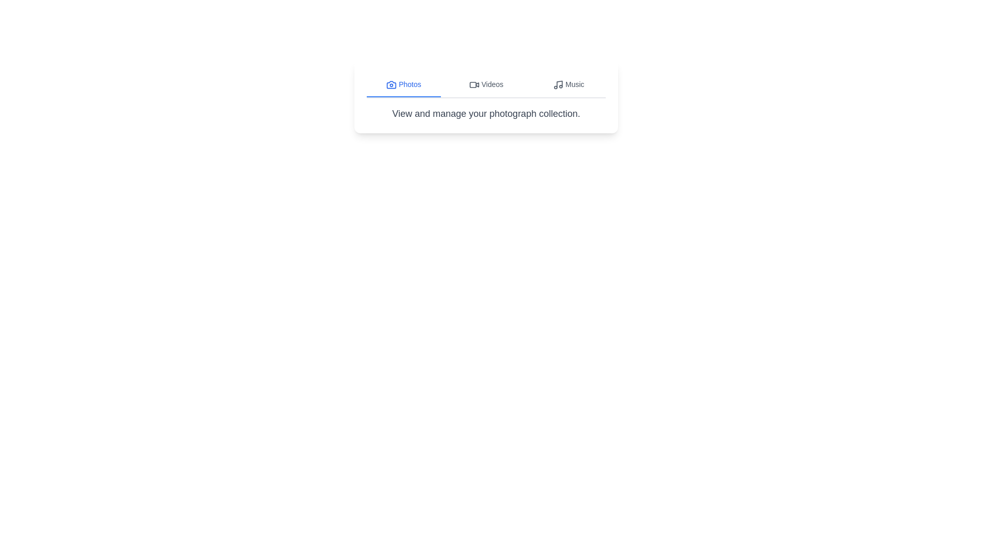 Image resolution: width=989 pixels, height=556 pixels. I want to click on the Music tab by clicking on the respective tab button, so click(568, 84).